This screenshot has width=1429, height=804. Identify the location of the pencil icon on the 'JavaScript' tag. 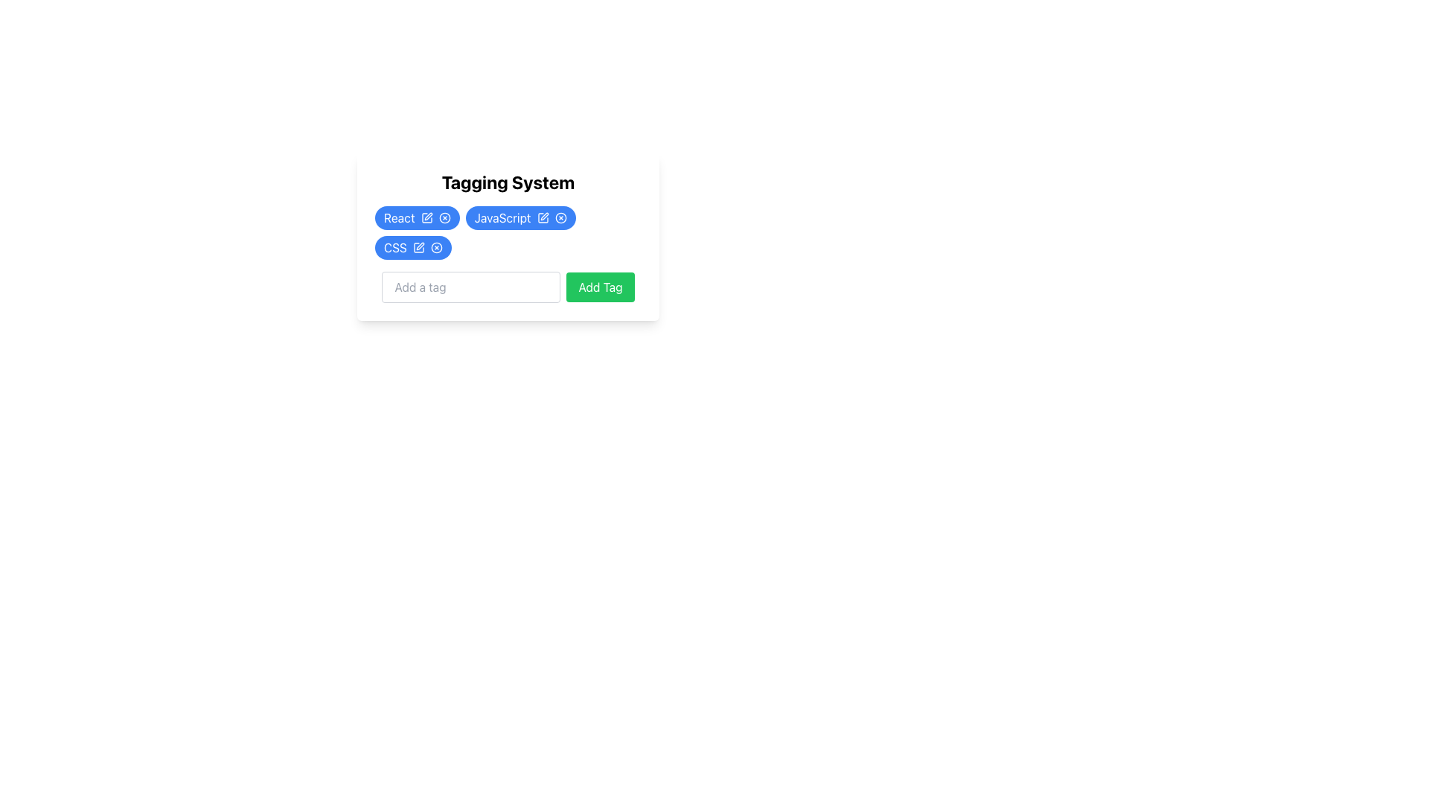
(520, 218).